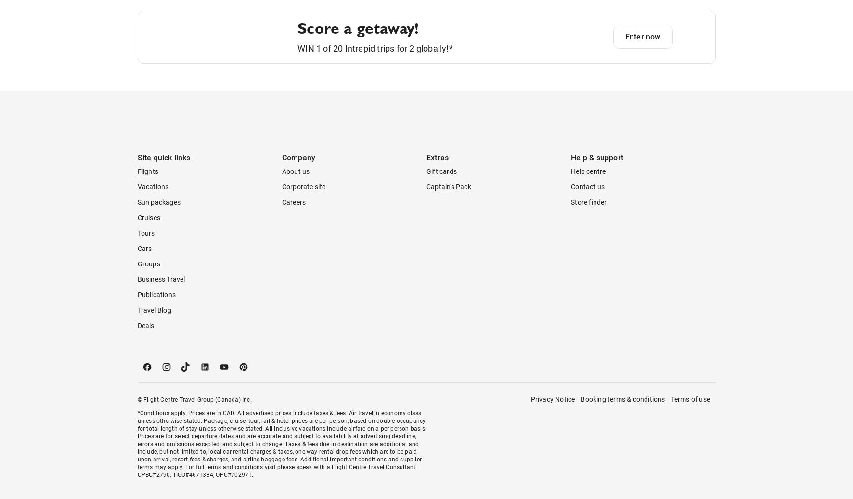  What do you see at coordinates (164, 196) in the screenshot?
I see `'Site quick links'` at bounding box center [164, 196].